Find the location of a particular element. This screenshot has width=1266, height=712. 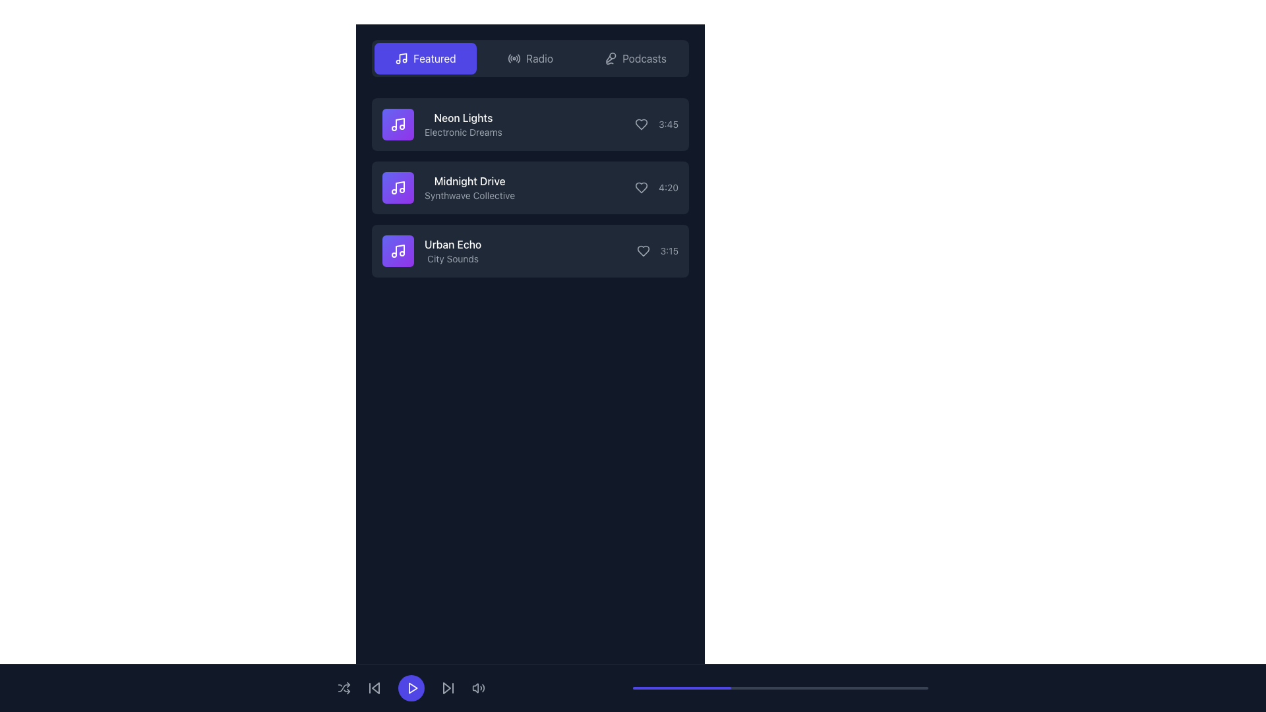

the 'Featured' text label, which is displayed in white font on a blue rounded rectangular background, located in the top-left corner of the main content area next to a music icon is located at coordinates (435, 57).